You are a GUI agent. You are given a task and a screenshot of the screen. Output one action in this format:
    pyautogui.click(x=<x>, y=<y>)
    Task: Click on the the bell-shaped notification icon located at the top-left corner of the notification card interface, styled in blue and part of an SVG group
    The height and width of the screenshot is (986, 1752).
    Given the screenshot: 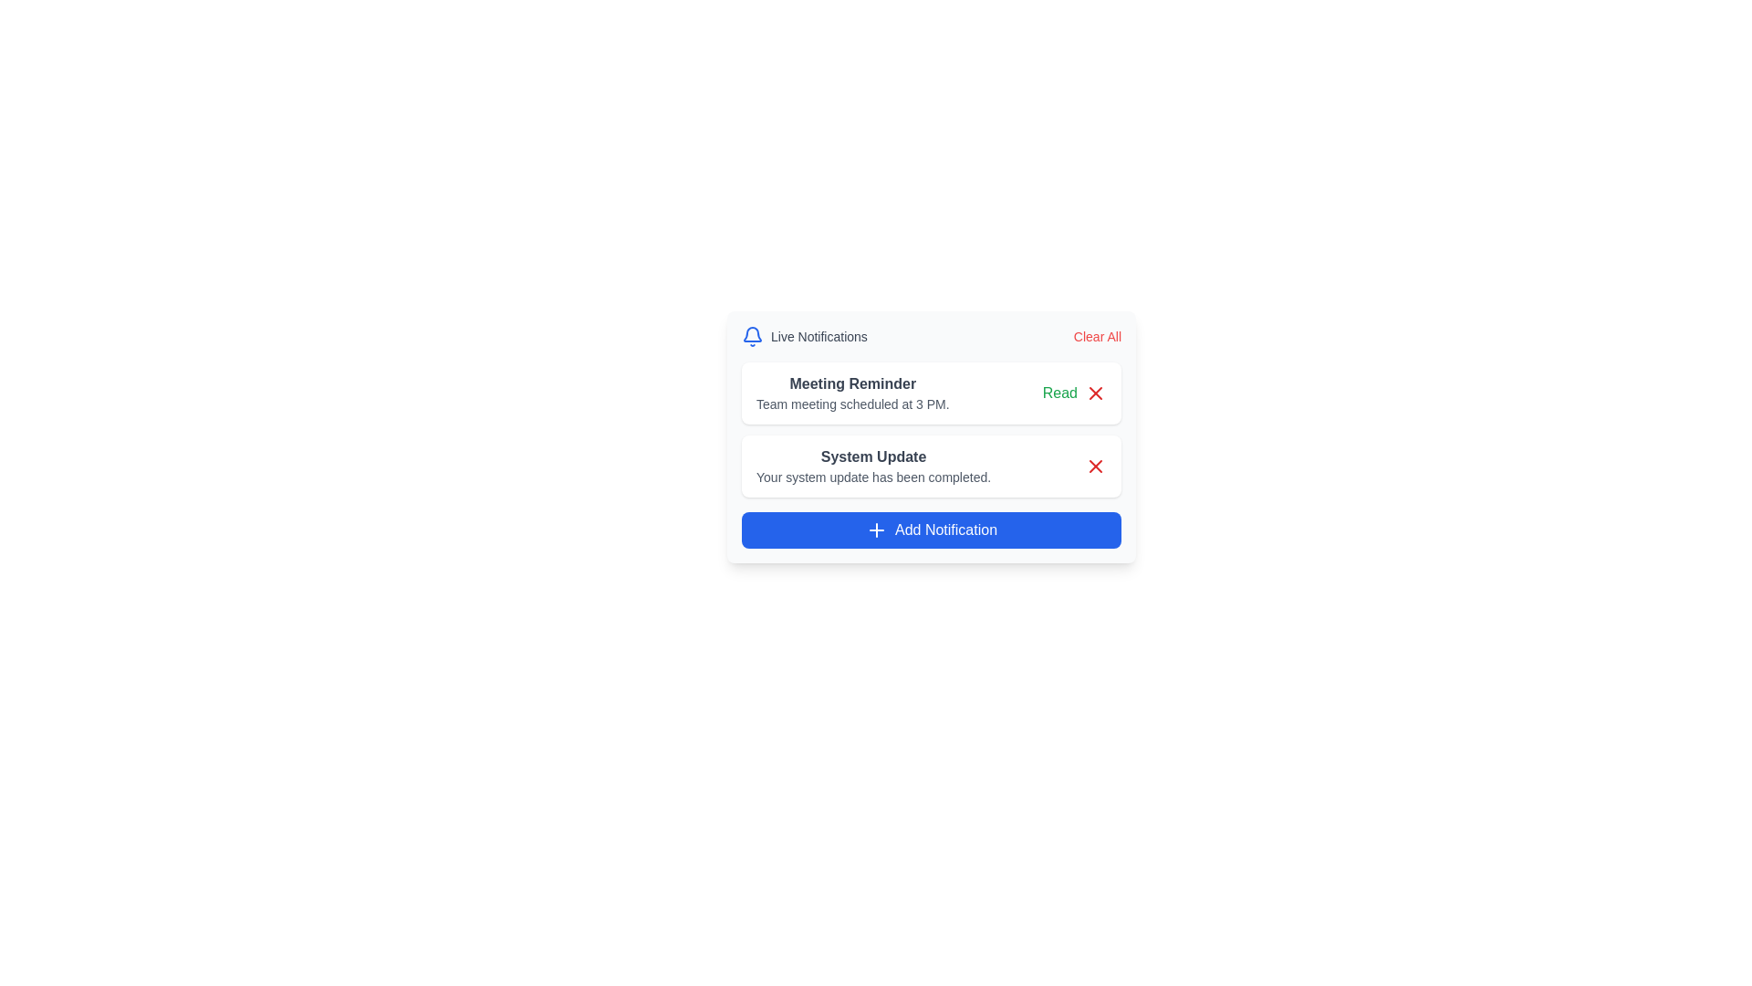 What is the action you would take?
    pyautogui.click(x=753, y=334)
    